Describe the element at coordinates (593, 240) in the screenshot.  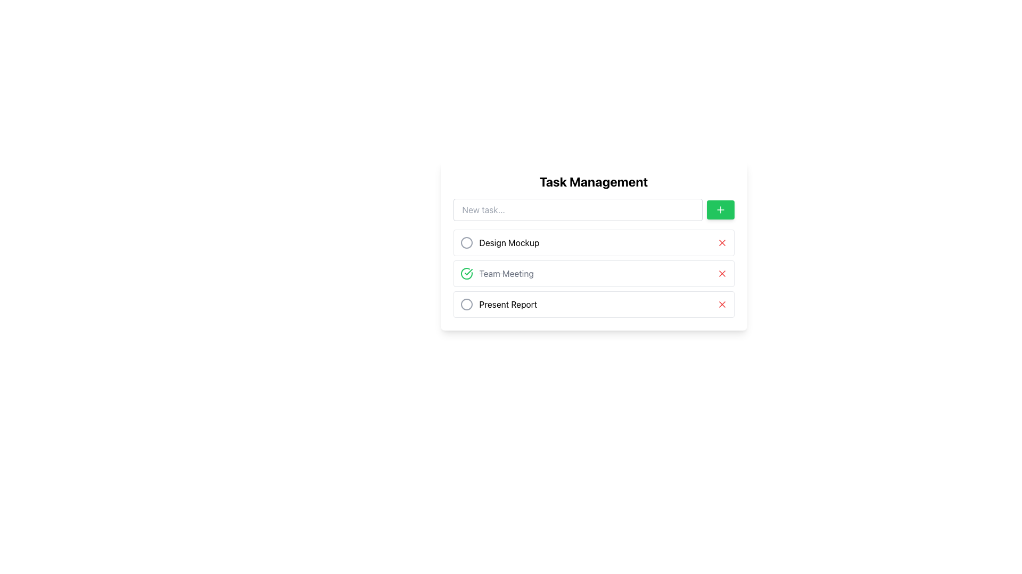
I see `the circular indicator on the 'Design Mockup' task within the second item of the task list in the 'Task Management' panel to mark it as done` at that location.